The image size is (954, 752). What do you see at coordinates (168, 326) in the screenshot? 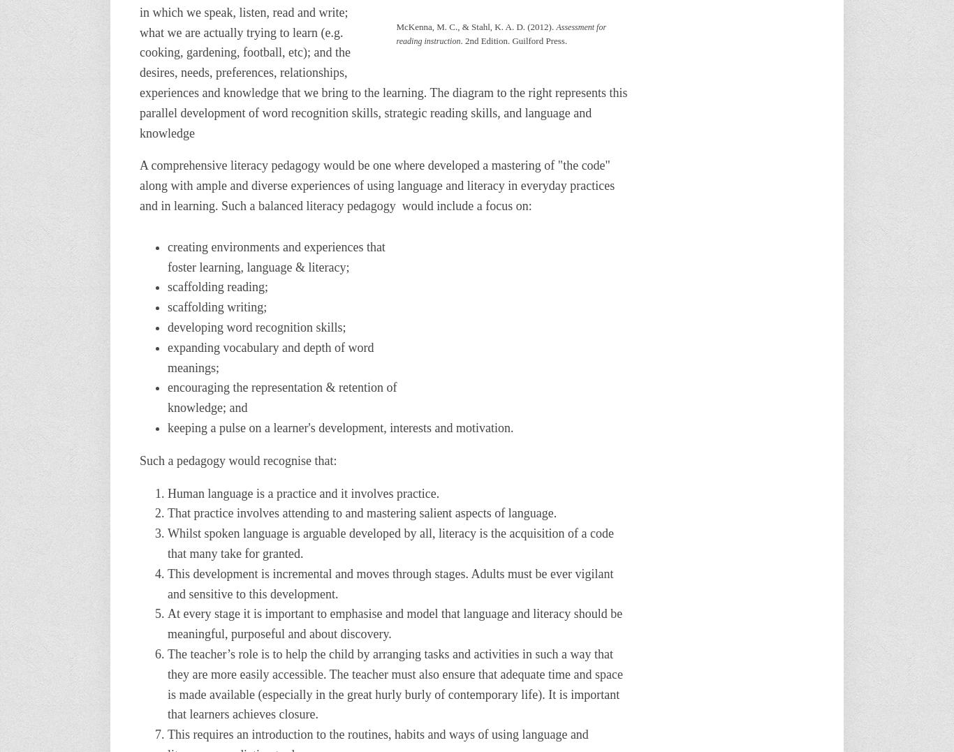
I see `'developing word recognition skills;'` at bounding box center [168, 326].